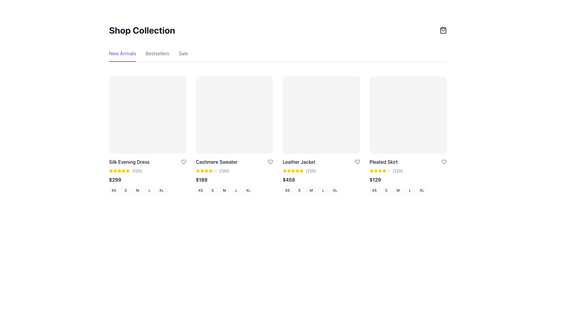  Describe the element at coordinates (383, 162) in the screenshot. I see `the 'Pleated Skirt' text label, which is styled in medium font weight and dark gray color, located in the fourth product card of the 'Shop Collection' section, beneath the product image and rating` at that location.